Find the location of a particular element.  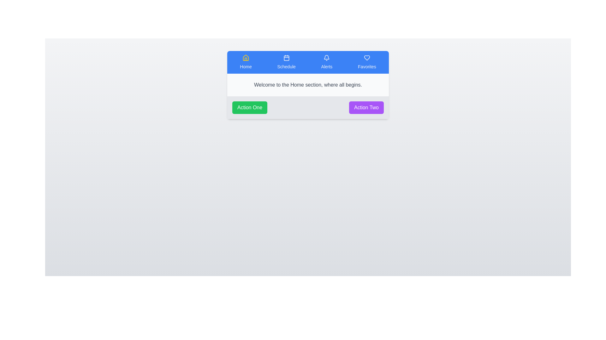

the text displayed in the active tab is located at coordinates (227, 73).